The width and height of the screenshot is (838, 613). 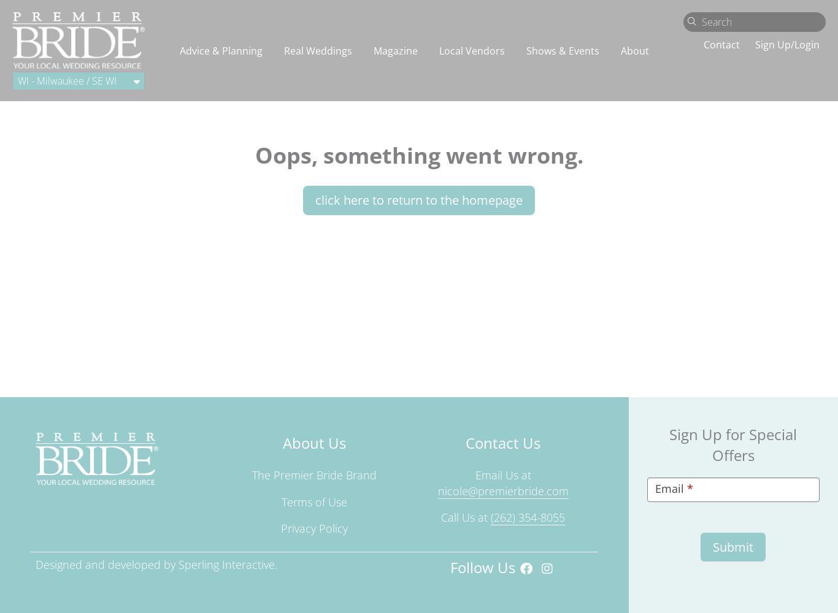 What do you see at coordinates (477, 118) in the screenshot?
I see `'Housing - Financial'` at bounding box center [477, 118].